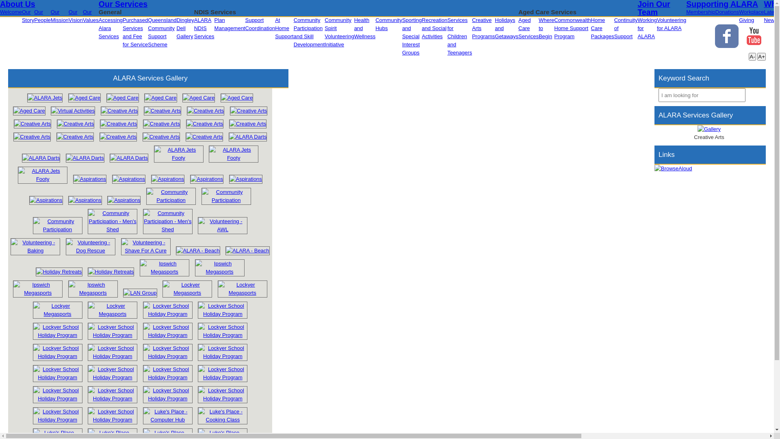 The width and height of the screenshot is (780, 439). What do you see at coordinates (28, 16) in the screenshot?
I see `'Our Story'` at bounding box center [28, 16].